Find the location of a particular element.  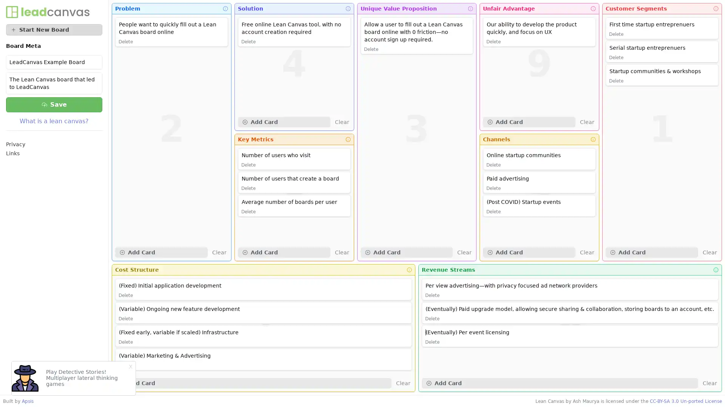

Add Card is located at coordinates (283, 121).